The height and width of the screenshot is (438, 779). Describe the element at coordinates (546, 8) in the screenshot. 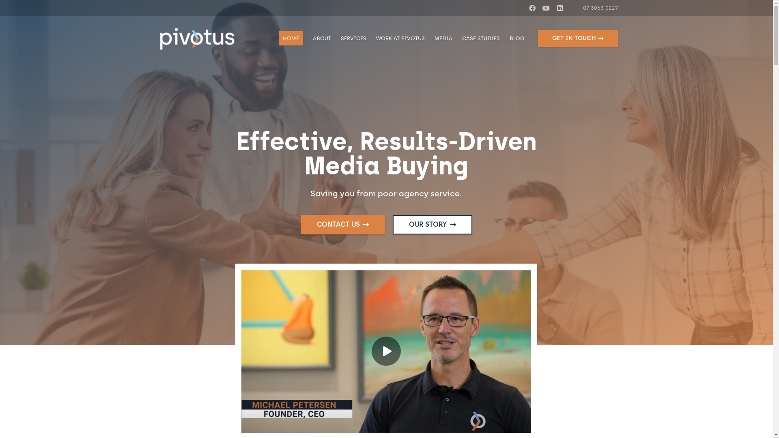

I see `'YouTube'` at that location.